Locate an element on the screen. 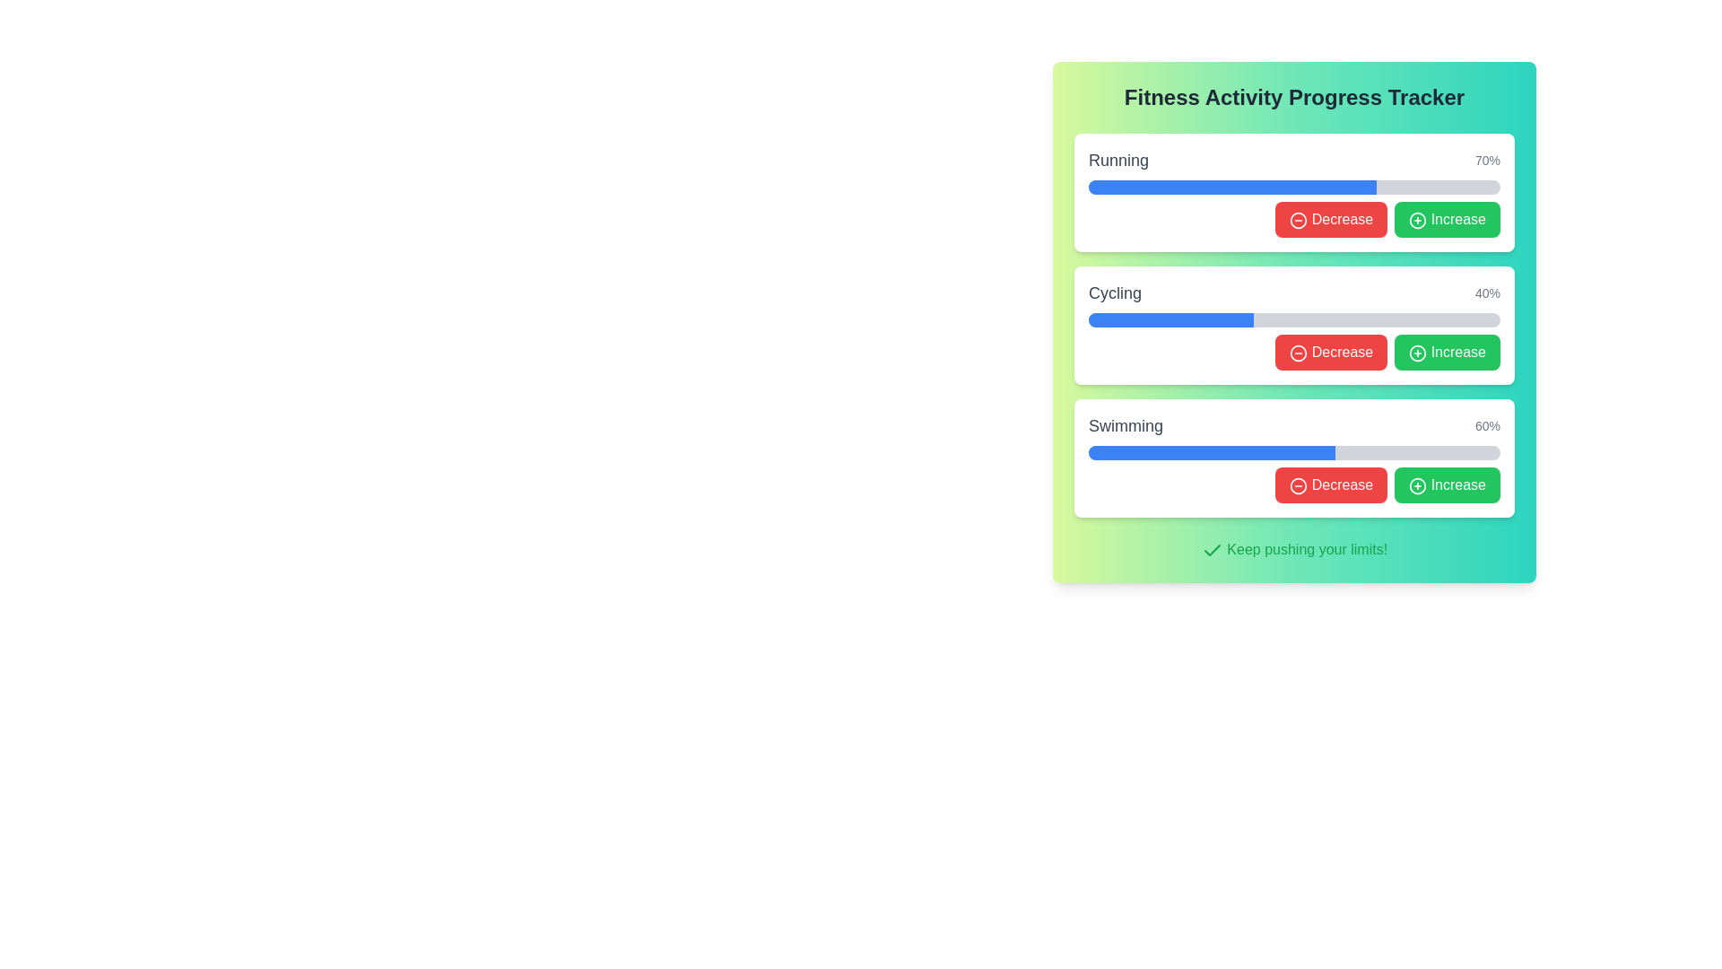 This screenshot has height=969, width=1722. the increment button located to the right of the 'Decrease' button in the button group associated with the 'Cycling' progress bar is located at coordinates (1448, 353).